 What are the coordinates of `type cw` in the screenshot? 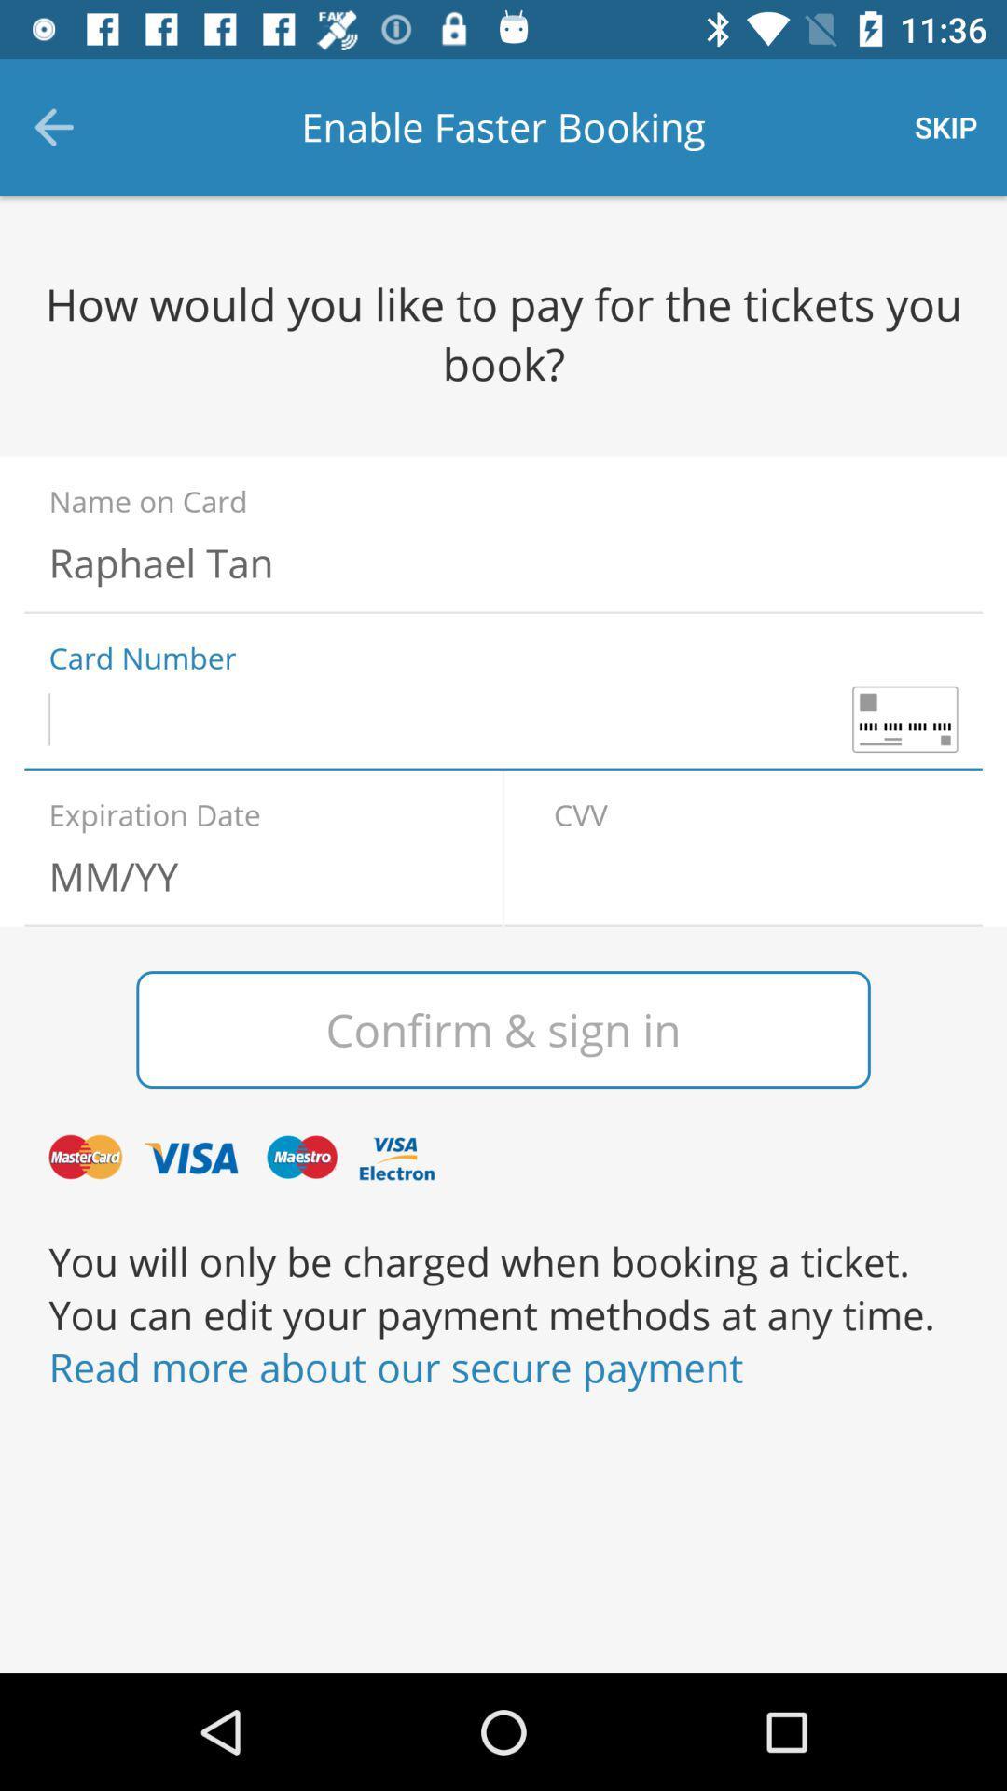 It's located at (755, 875).